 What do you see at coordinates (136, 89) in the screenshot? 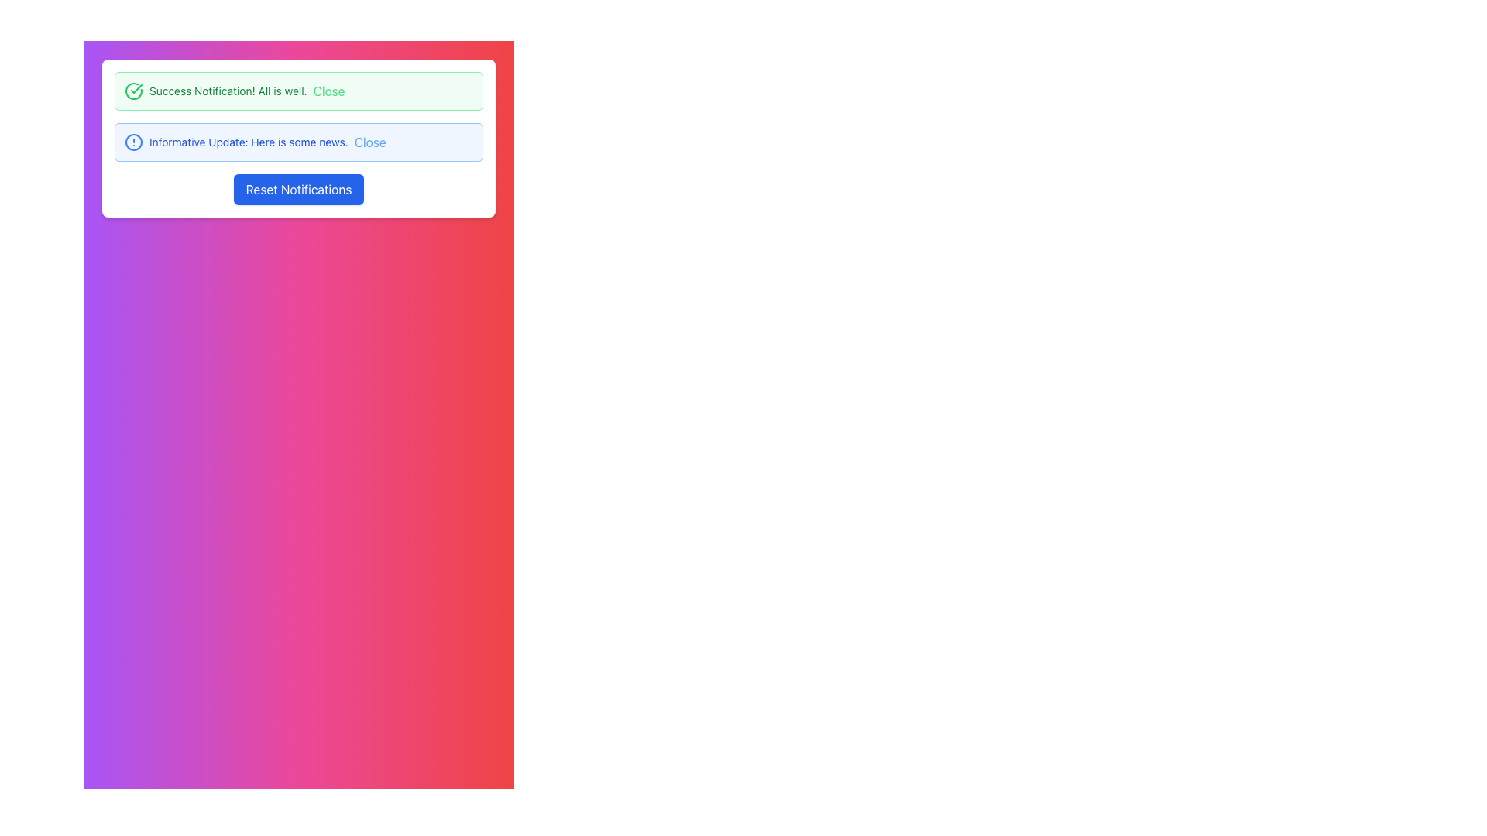
I see `the checkmark icon indicating successful completion within the success notification card located at the top of the interface` at bounding box center [136, 89].